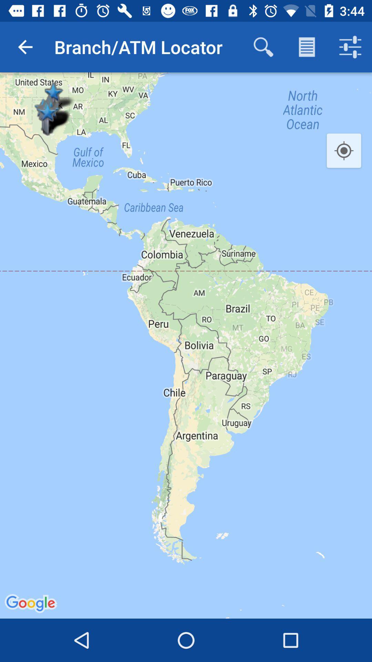 This screenshot has height=662, width=372. What do you see at coordinates (25, 47) in the screenshot?
I see `the icon at the top left corner` at bounding box center [25, 47].